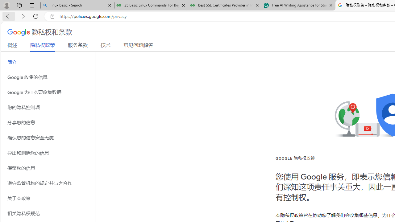 This screenshot has height=222, width=395. What do you see at coordinates (225, 5) in the screenshot?
I see `'Best SSL Certificates Provider in India - GeeksforGeeks'` at bounding box center [225, 5].